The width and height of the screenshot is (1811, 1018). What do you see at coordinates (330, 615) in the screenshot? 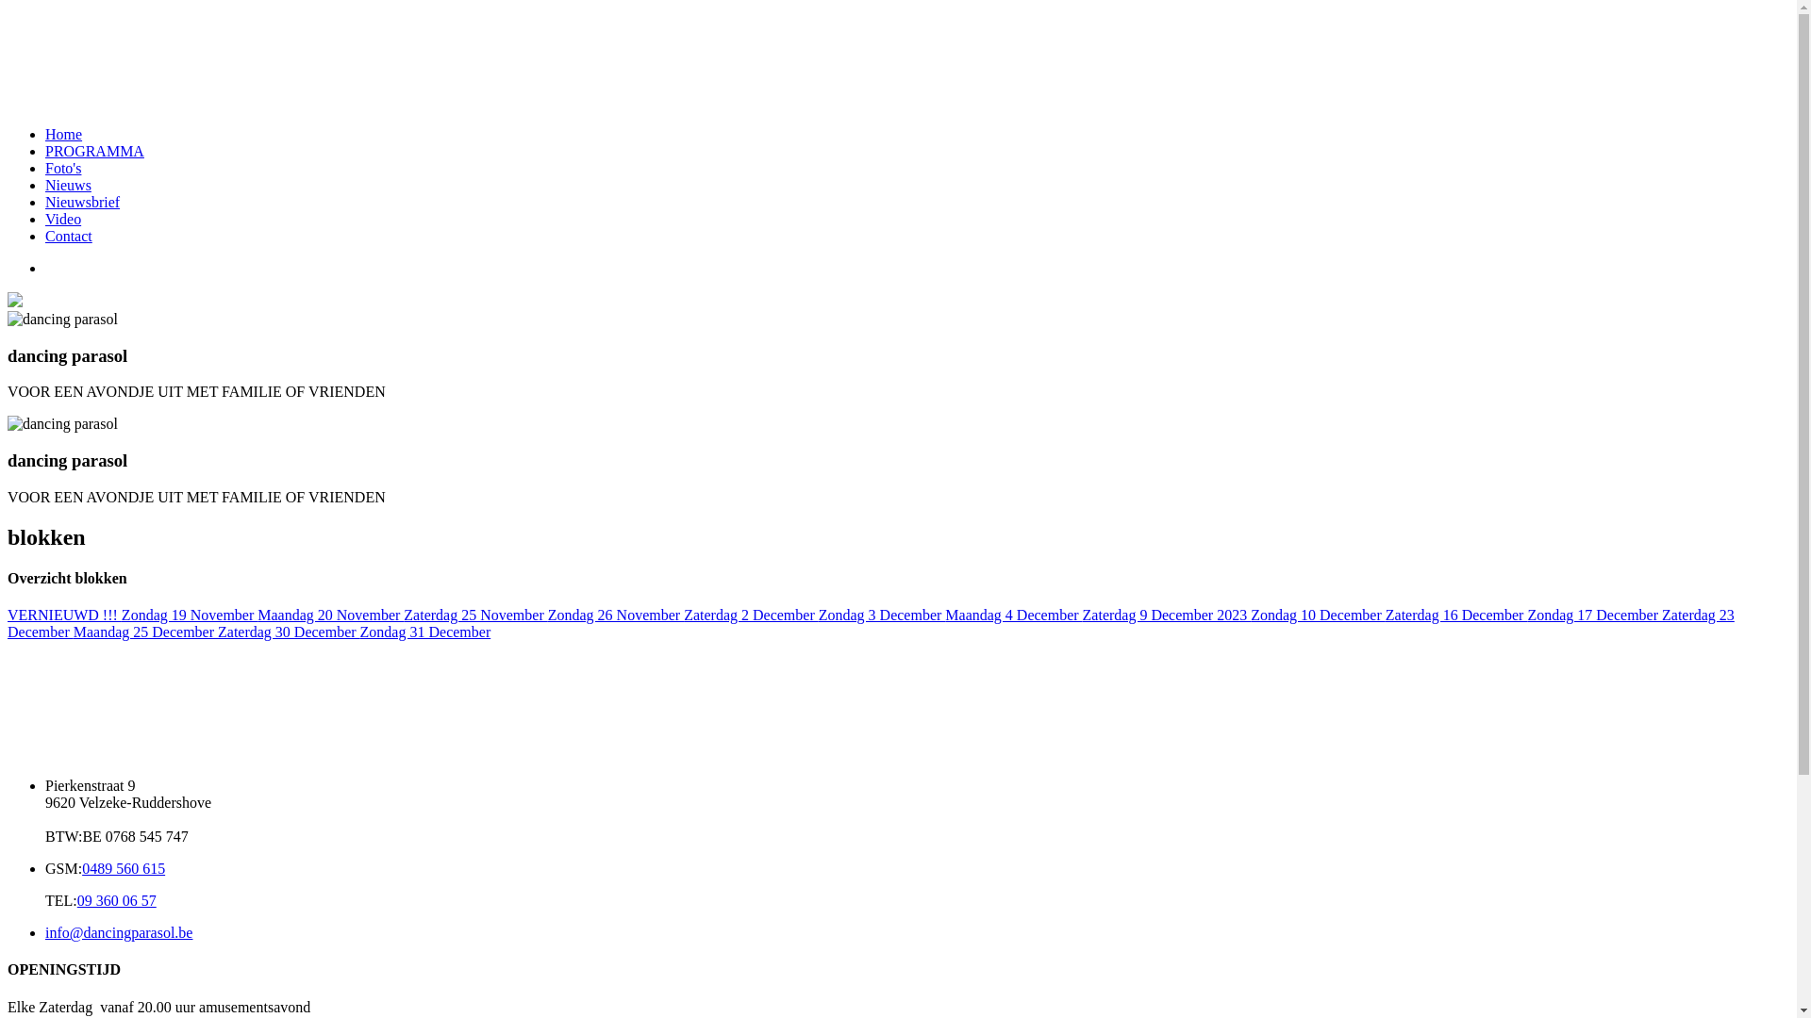
I see `'Maandag 20 November'` at bounding box center [330, 615].